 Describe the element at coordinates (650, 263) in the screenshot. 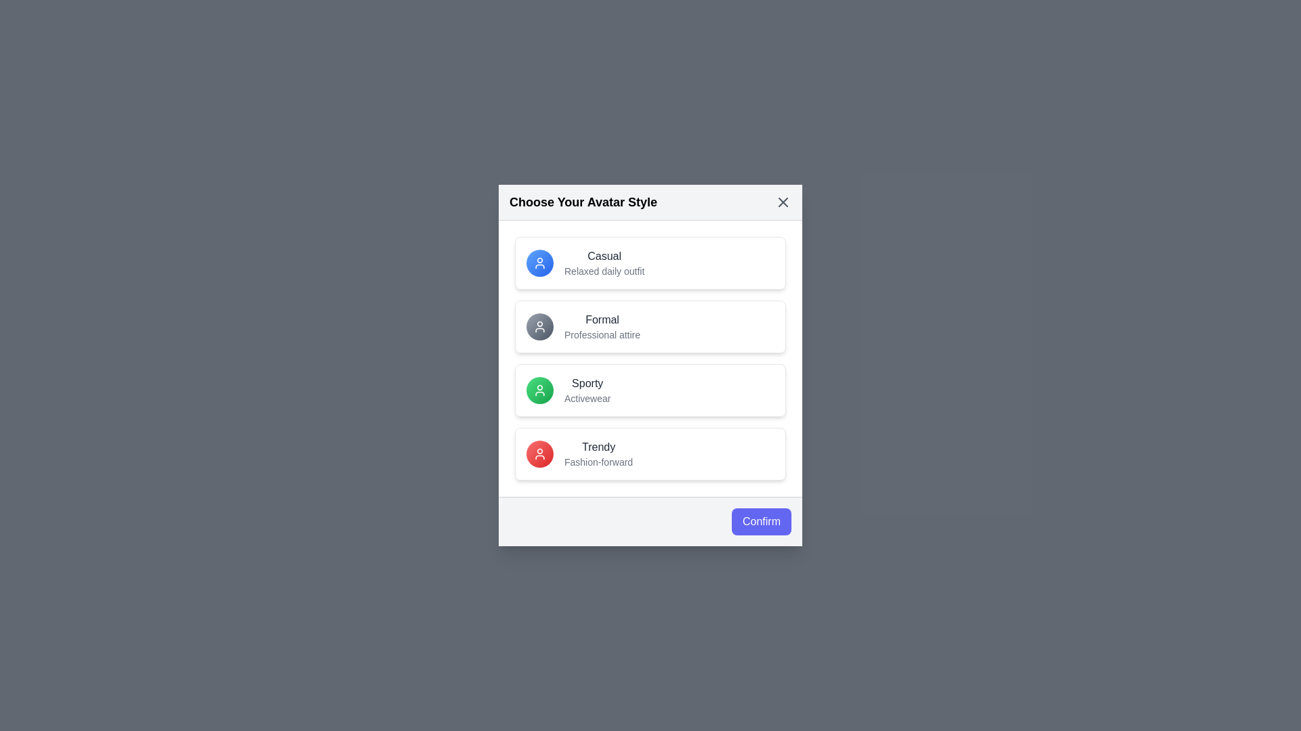

I see `the avatar option labeled 'Casual' to highlight it` at that location.